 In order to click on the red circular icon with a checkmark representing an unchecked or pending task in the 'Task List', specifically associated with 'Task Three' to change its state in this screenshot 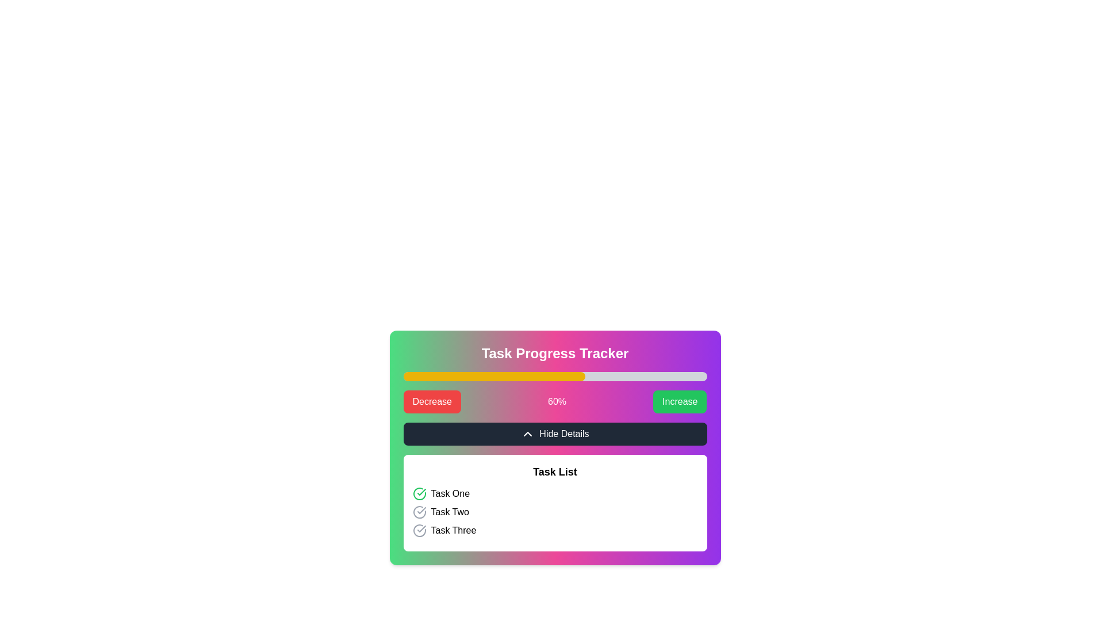, I will do `click(419, 530)`.